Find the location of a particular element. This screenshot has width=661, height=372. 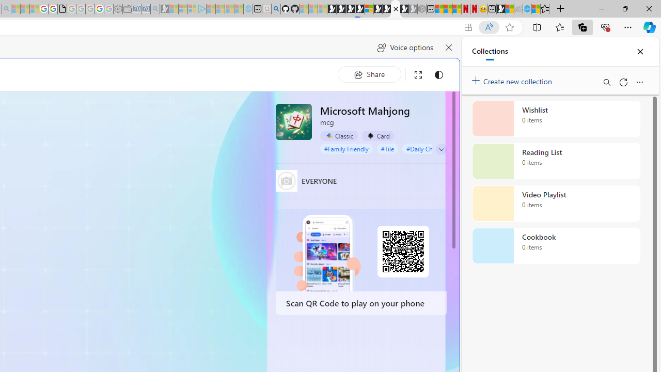

'More options menu' is located at coordinates (639, 82).